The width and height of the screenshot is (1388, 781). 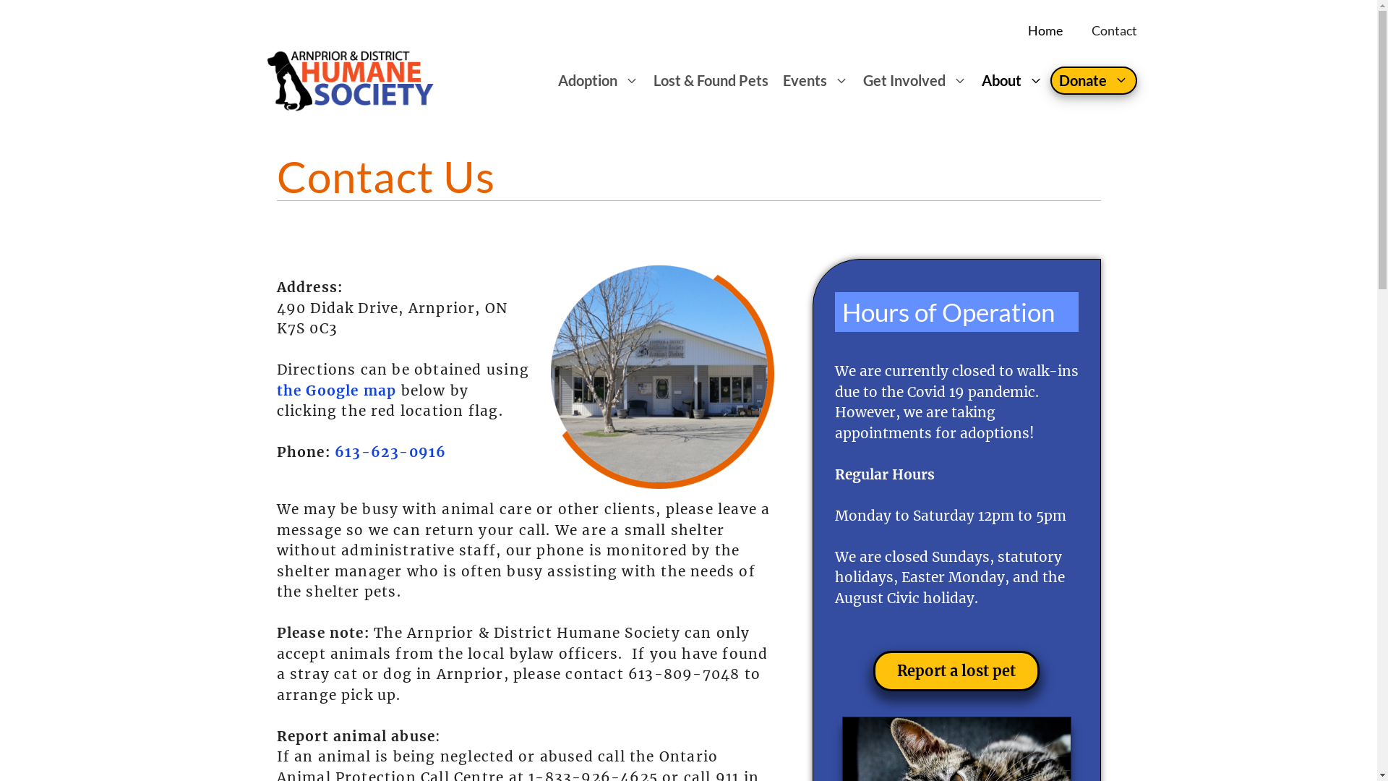 I want to click on 'Get Involved', so click(x=914, y=80).